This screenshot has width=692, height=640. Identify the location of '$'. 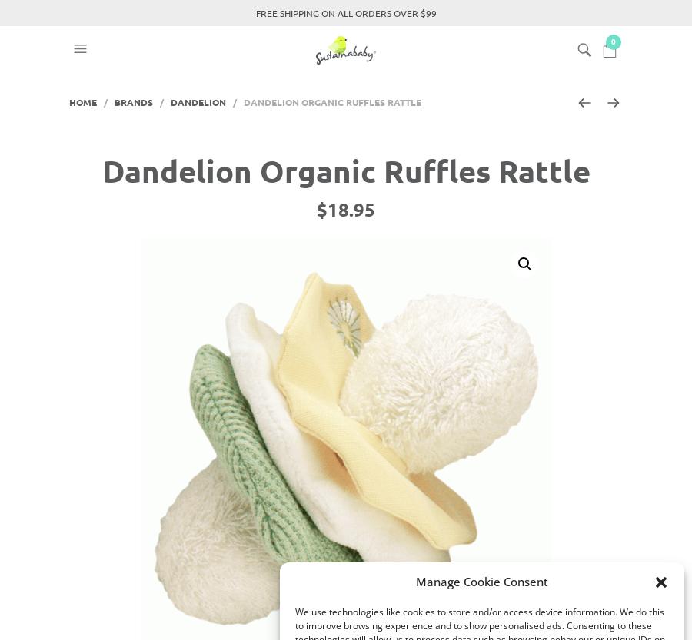
(322, 209).